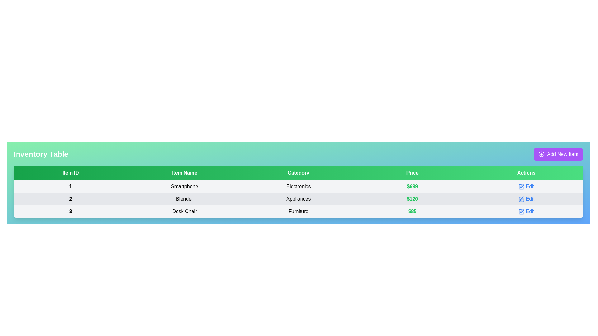  I want to click on the table header row to sort the column by its name, which includes 'Item ID', 'Item Name', 'Category', 'Price', or 'Actions', so click(298, 173).